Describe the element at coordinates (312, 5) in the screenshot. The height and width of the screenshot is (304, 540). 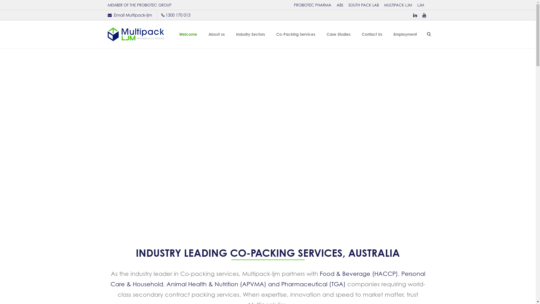
I see `'PROBIOTEC PHARMA'` at that location.